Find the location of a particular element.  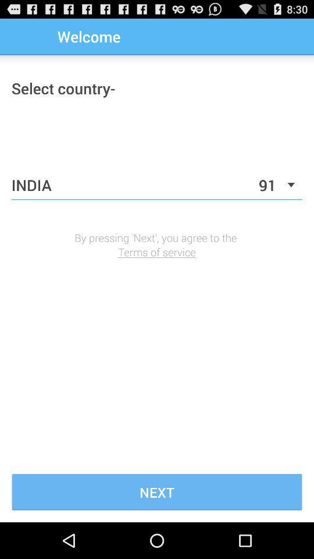

the icon below by pressing next is located at coordinates (157, 252).